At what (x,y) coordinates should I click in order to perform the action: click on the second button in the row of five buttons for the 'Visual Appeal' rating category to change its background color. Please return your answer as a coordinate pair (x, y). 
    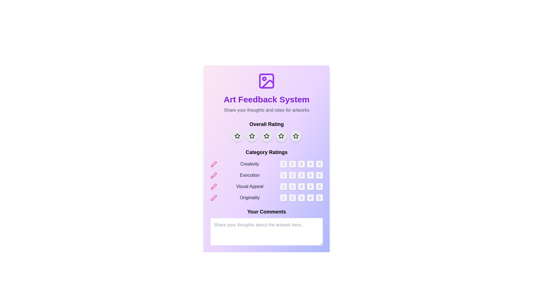
    Looking at the image, I should click on (292, 186).